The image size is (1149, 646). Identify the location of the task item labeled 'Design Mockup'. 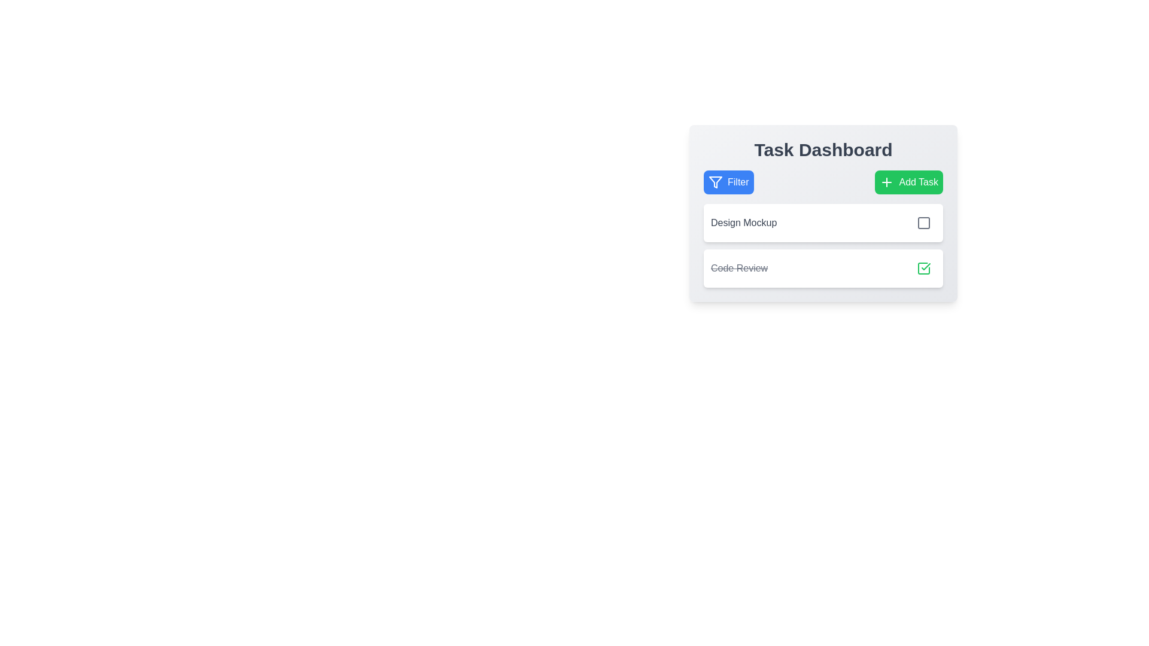
(823, 223).